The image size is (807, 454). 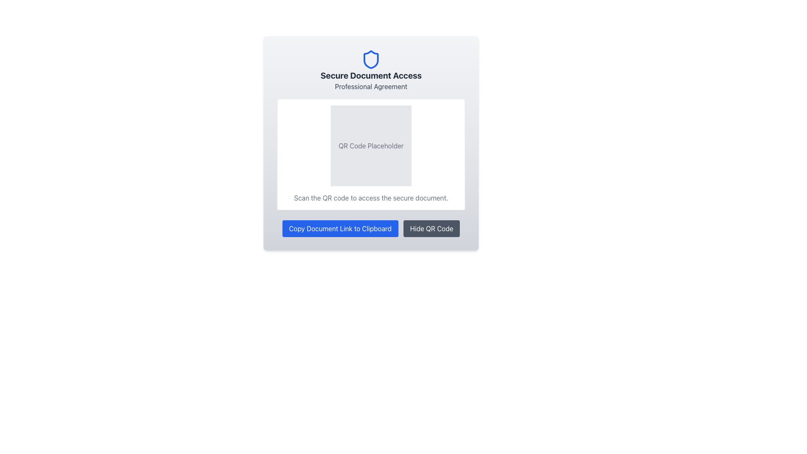 What do you see at coordinates (340, 228) in the screenshot?
I see `the 'Copy Link' button located at the bottom-left of the button group` at bounding box center [340, 228].